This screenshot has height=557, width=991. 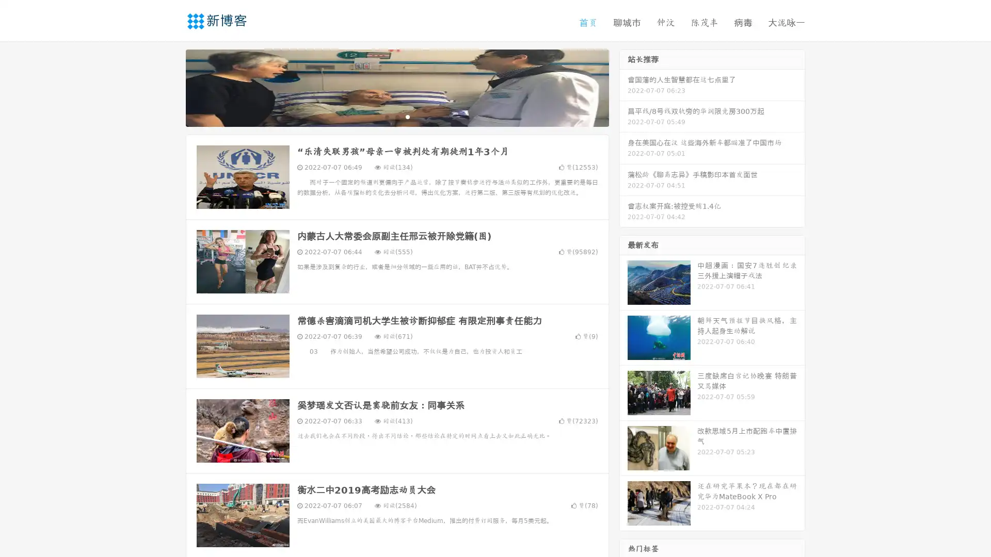 I want to click on Go to slide 2, so click(x=396, y=116).